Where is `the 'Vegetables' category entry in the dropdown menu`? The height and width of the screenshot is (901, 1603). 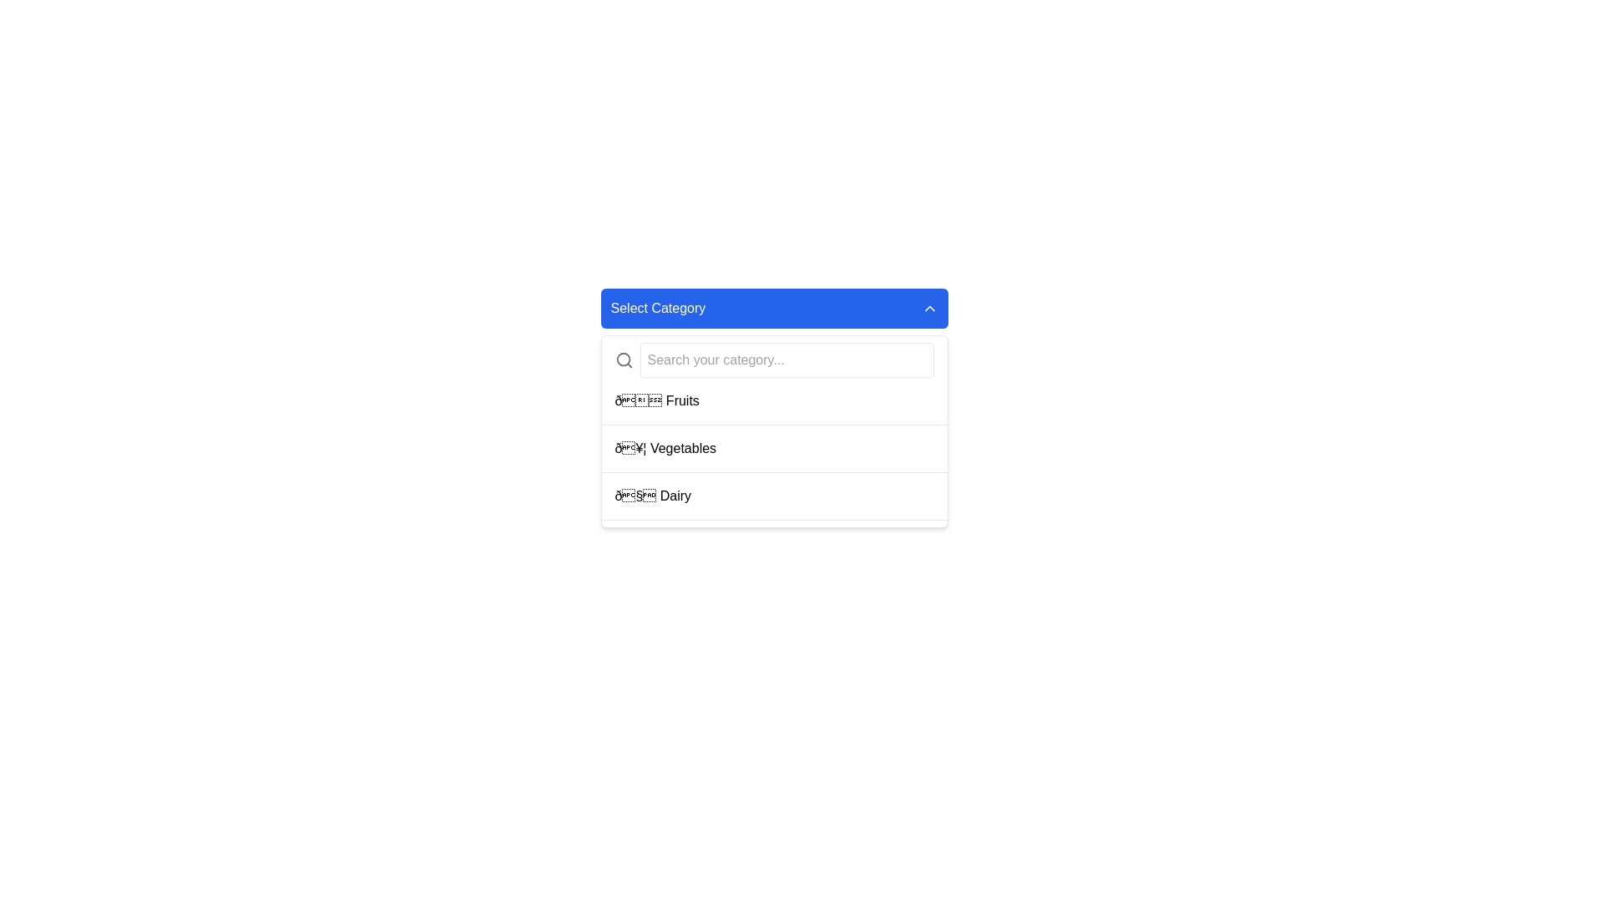
the 'Vegetables' category entry in the dropdown menu is located at coordinates (773, 430).